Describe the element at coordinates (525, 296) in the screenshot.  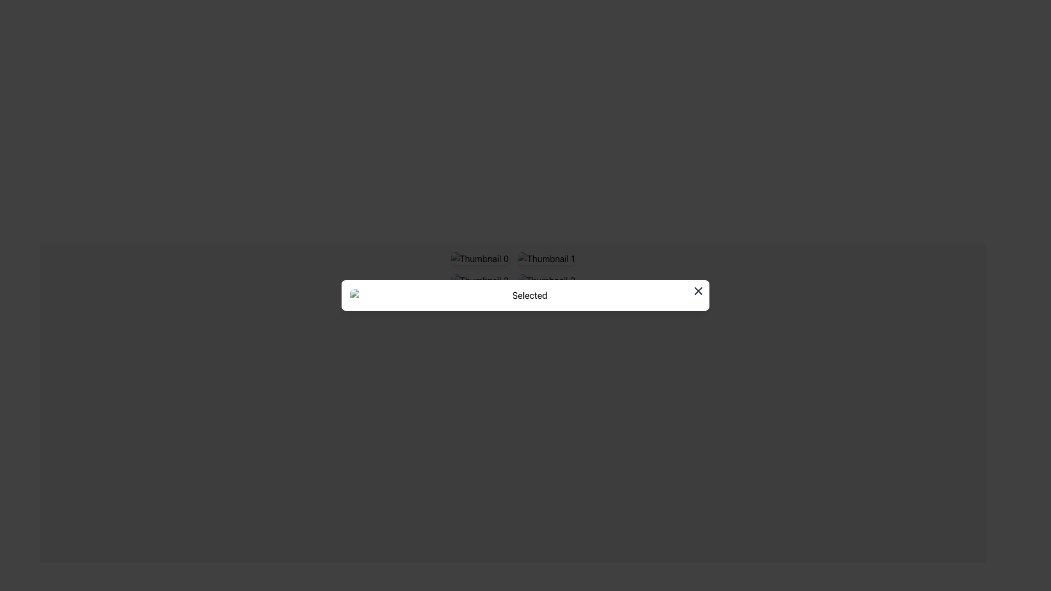
I see `the entire modal popup that is centered horizontally and located in the lower half of the view, used for image preview or selection confirmation` at that location.